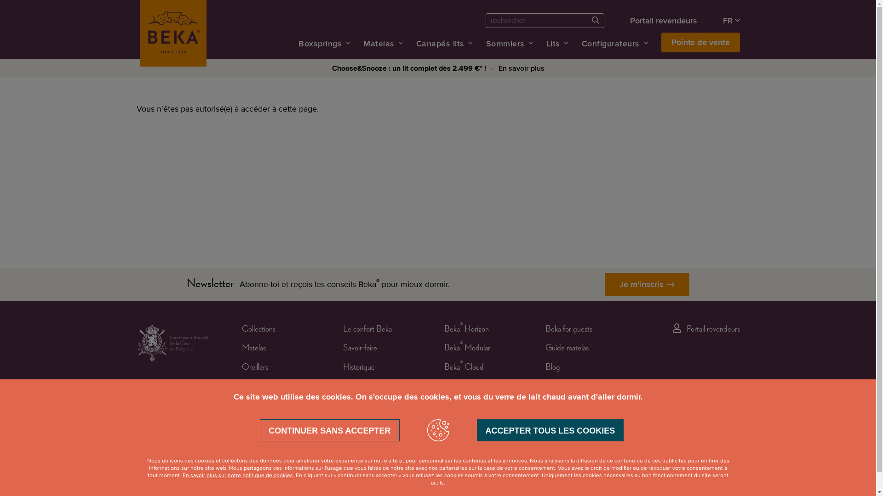  I want to click on 'Matelas', so click(254, 349).